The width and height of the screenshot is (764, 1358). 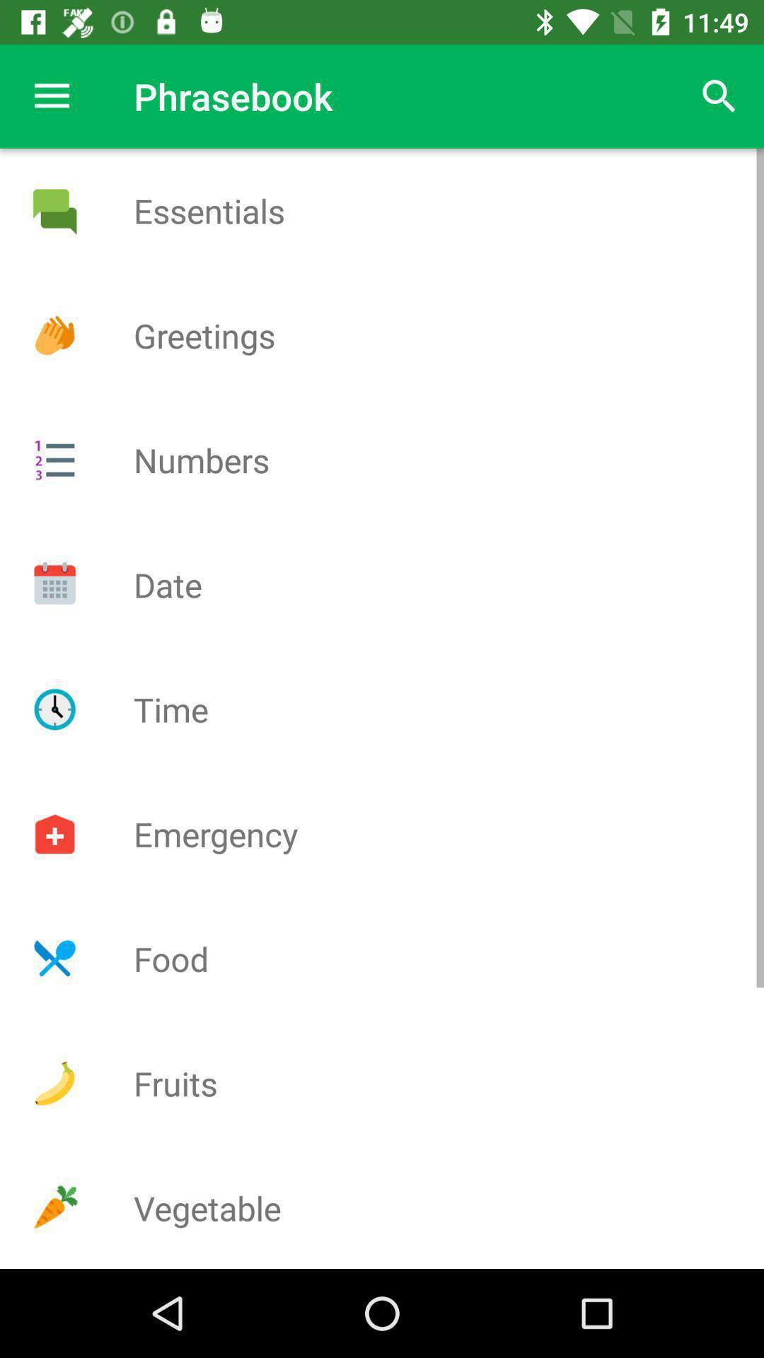 What do you see at coordinates (54, 1082) in the screenshot?
I see `fruit phrasebook` at bounding box center [54, 1082].